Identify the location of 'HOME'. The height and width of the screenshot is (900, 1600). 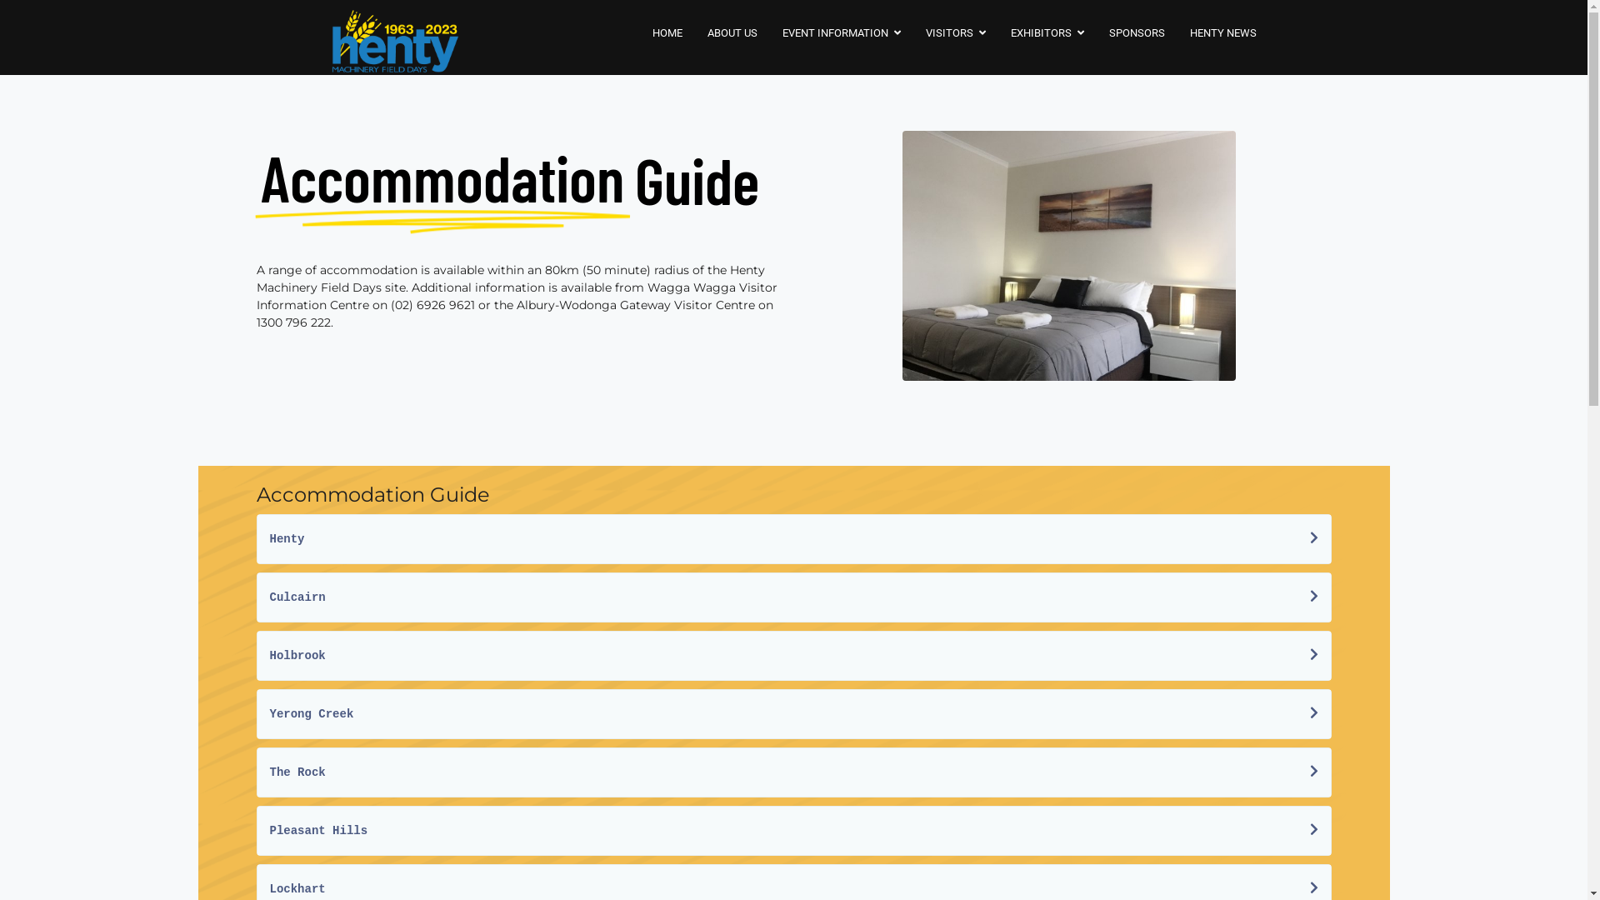
(667, 32).